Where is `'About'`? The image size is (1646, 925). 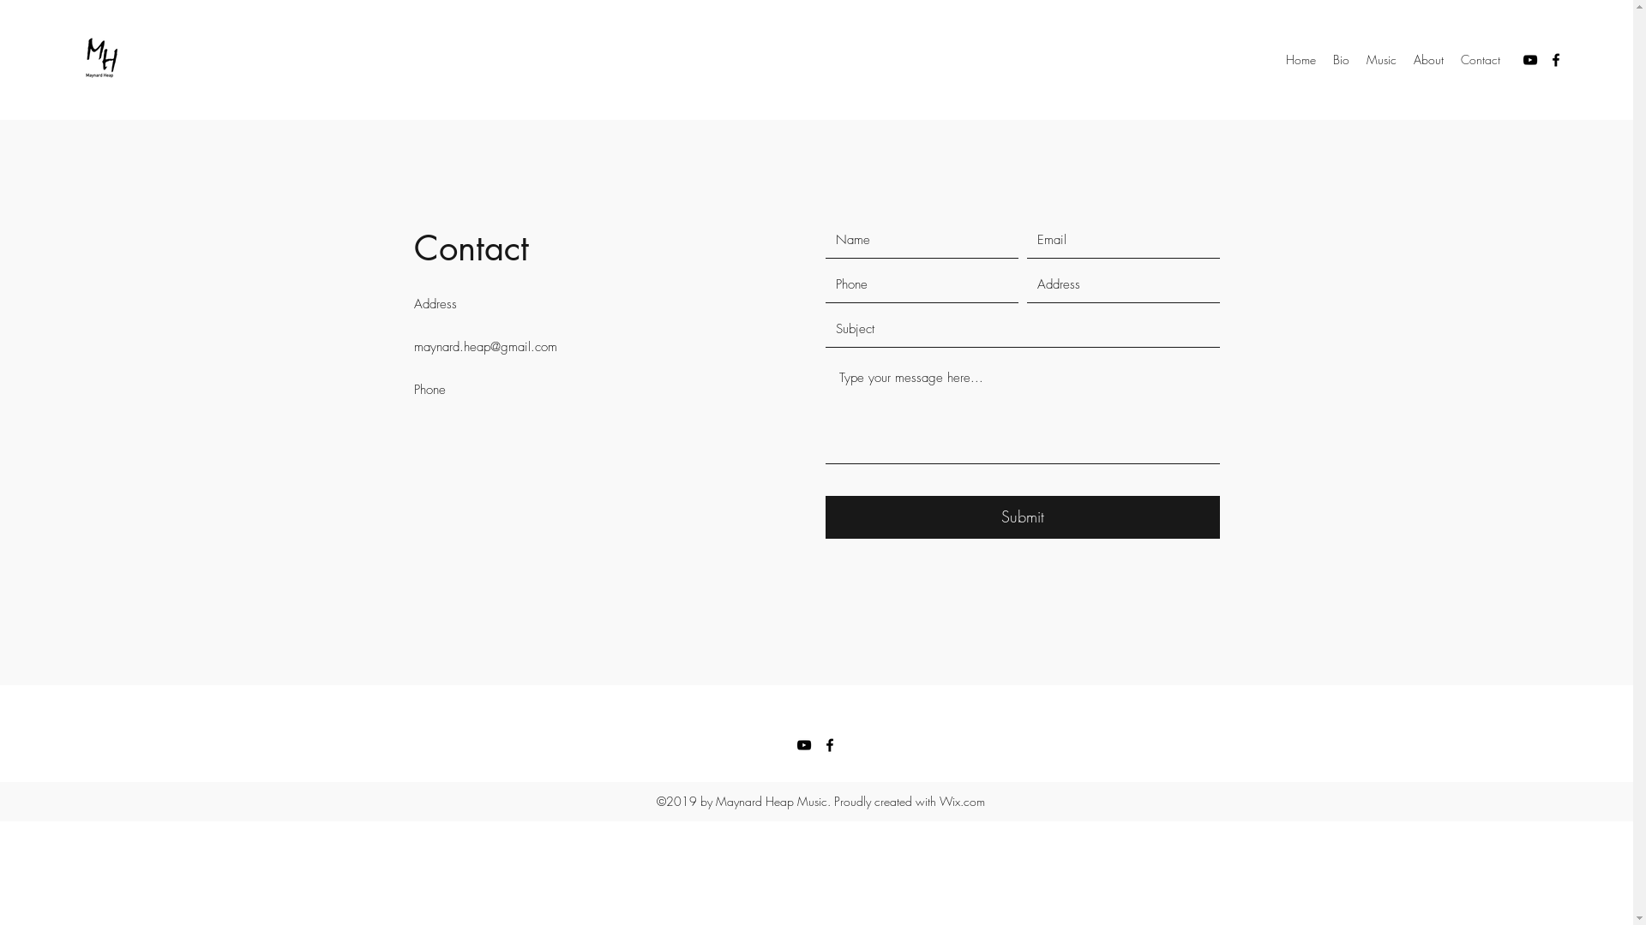 'About' is located at coordinates (1428, 58).